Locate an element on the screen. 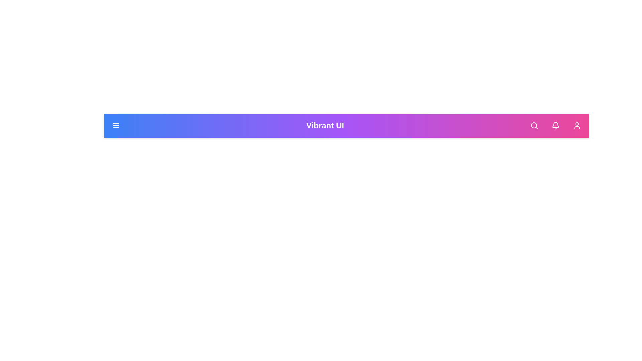  the bell icon to access notifications is located at coordinates (555, 125).